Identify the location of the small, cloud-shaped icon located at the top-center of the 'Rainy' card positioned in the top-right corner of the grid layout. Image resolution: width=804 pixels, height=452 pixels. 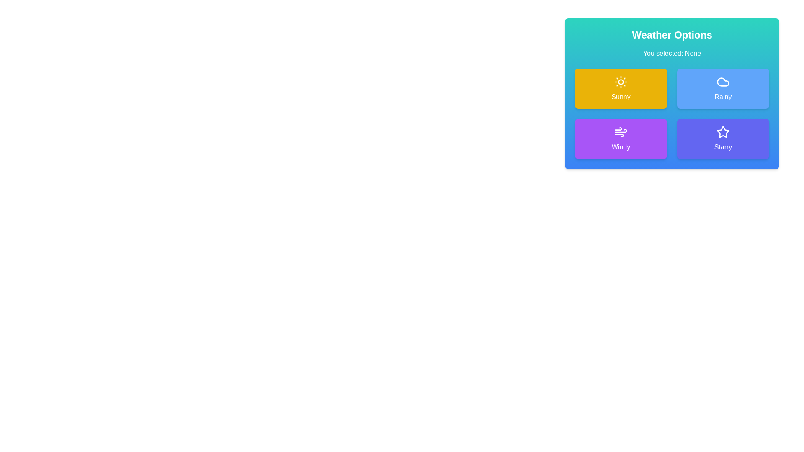
(723, 82).